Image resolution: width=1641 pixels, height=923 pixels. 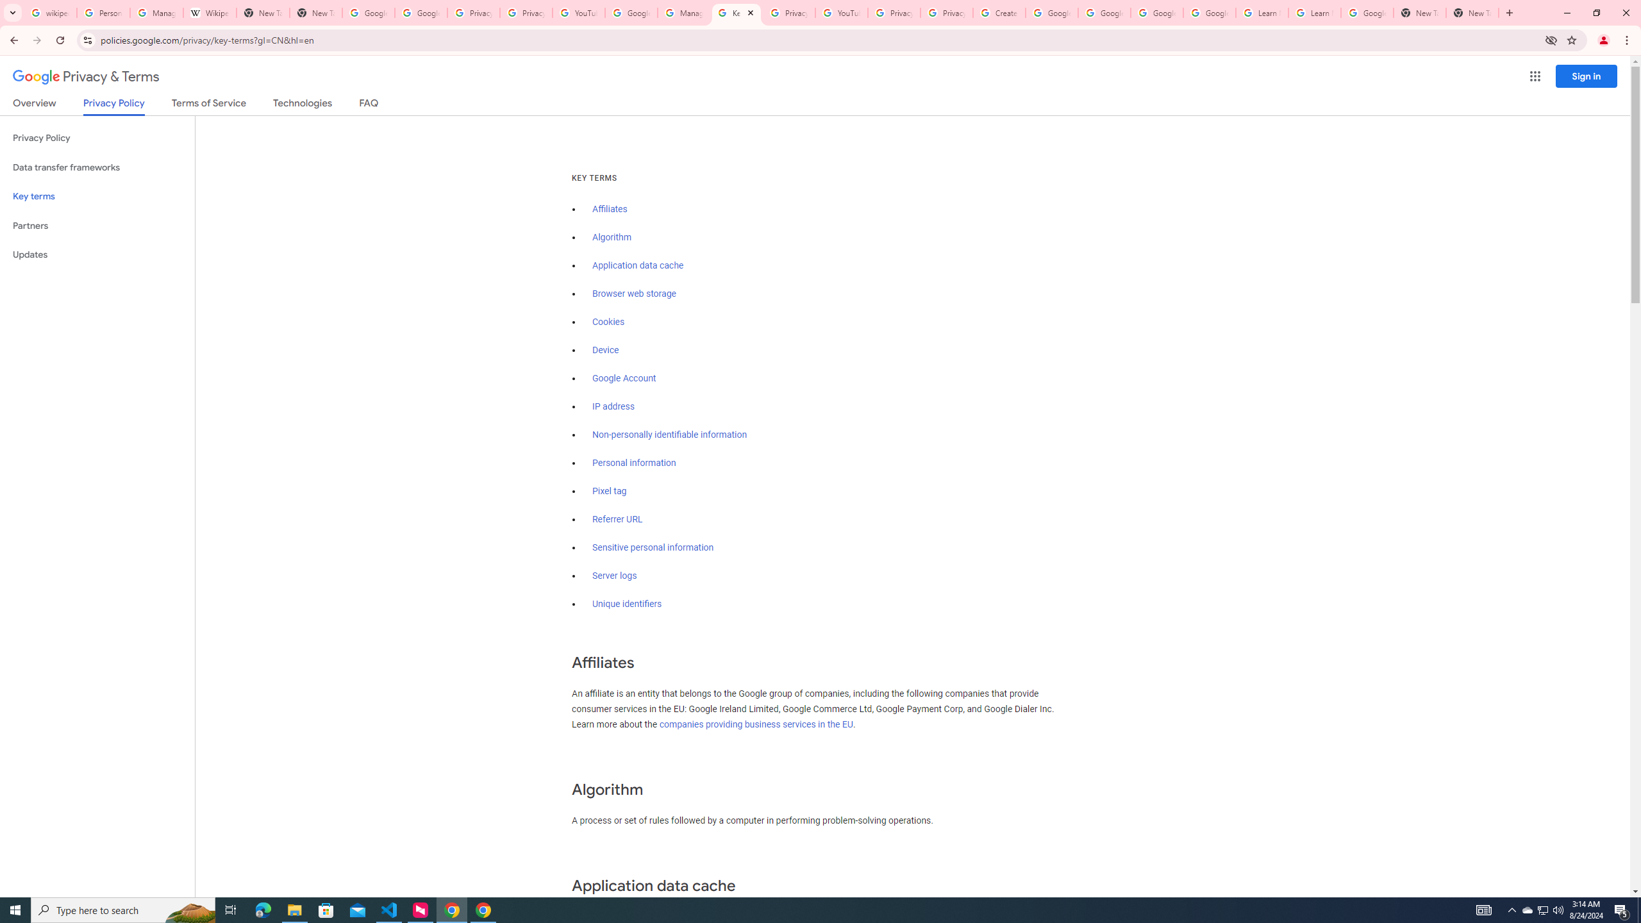 What do you see at coordinates (1472, 12) in the screenshot?
I see `'New Tab'` at bounding box center [1472, 12].